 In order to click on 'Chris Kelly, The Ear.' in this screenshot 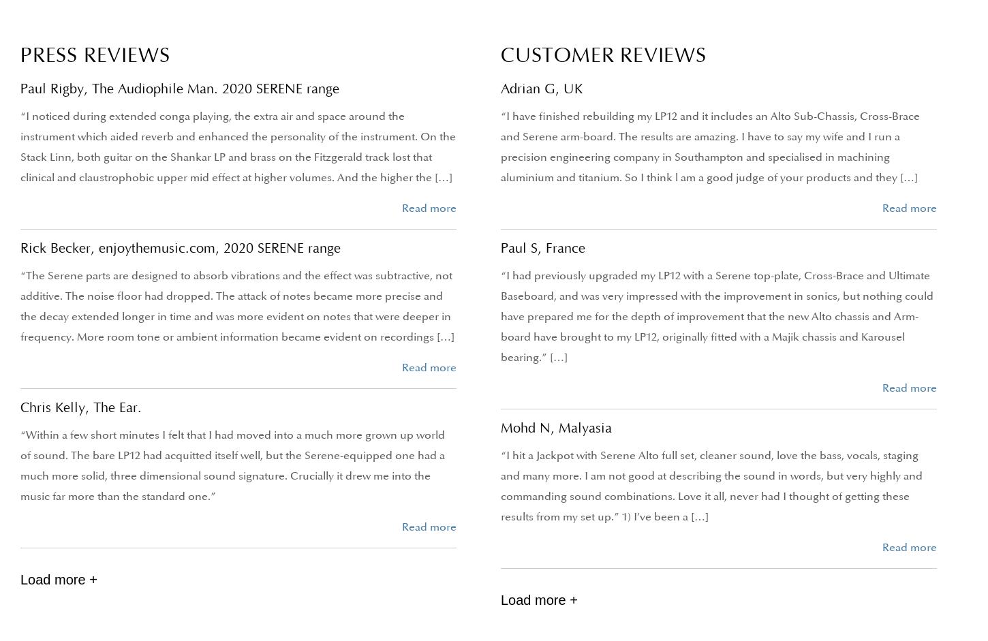, I will do `click(81, 408)`.